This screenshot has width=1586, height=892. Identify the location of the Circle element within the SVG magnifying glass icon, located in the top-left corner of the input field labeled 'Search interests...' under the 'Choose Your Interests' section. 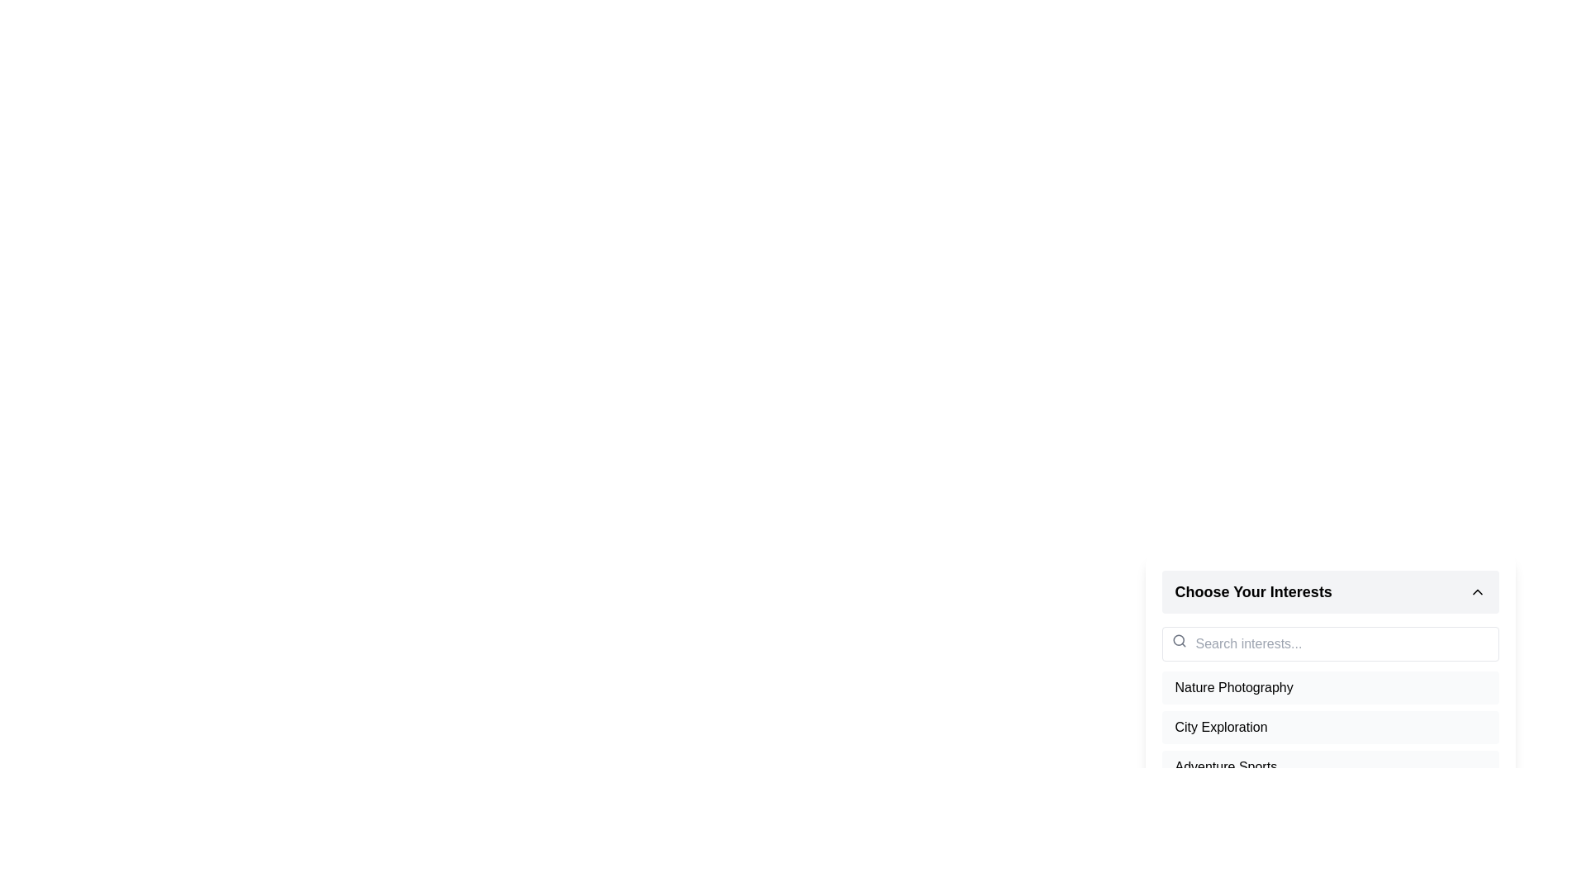
(1177, 639).